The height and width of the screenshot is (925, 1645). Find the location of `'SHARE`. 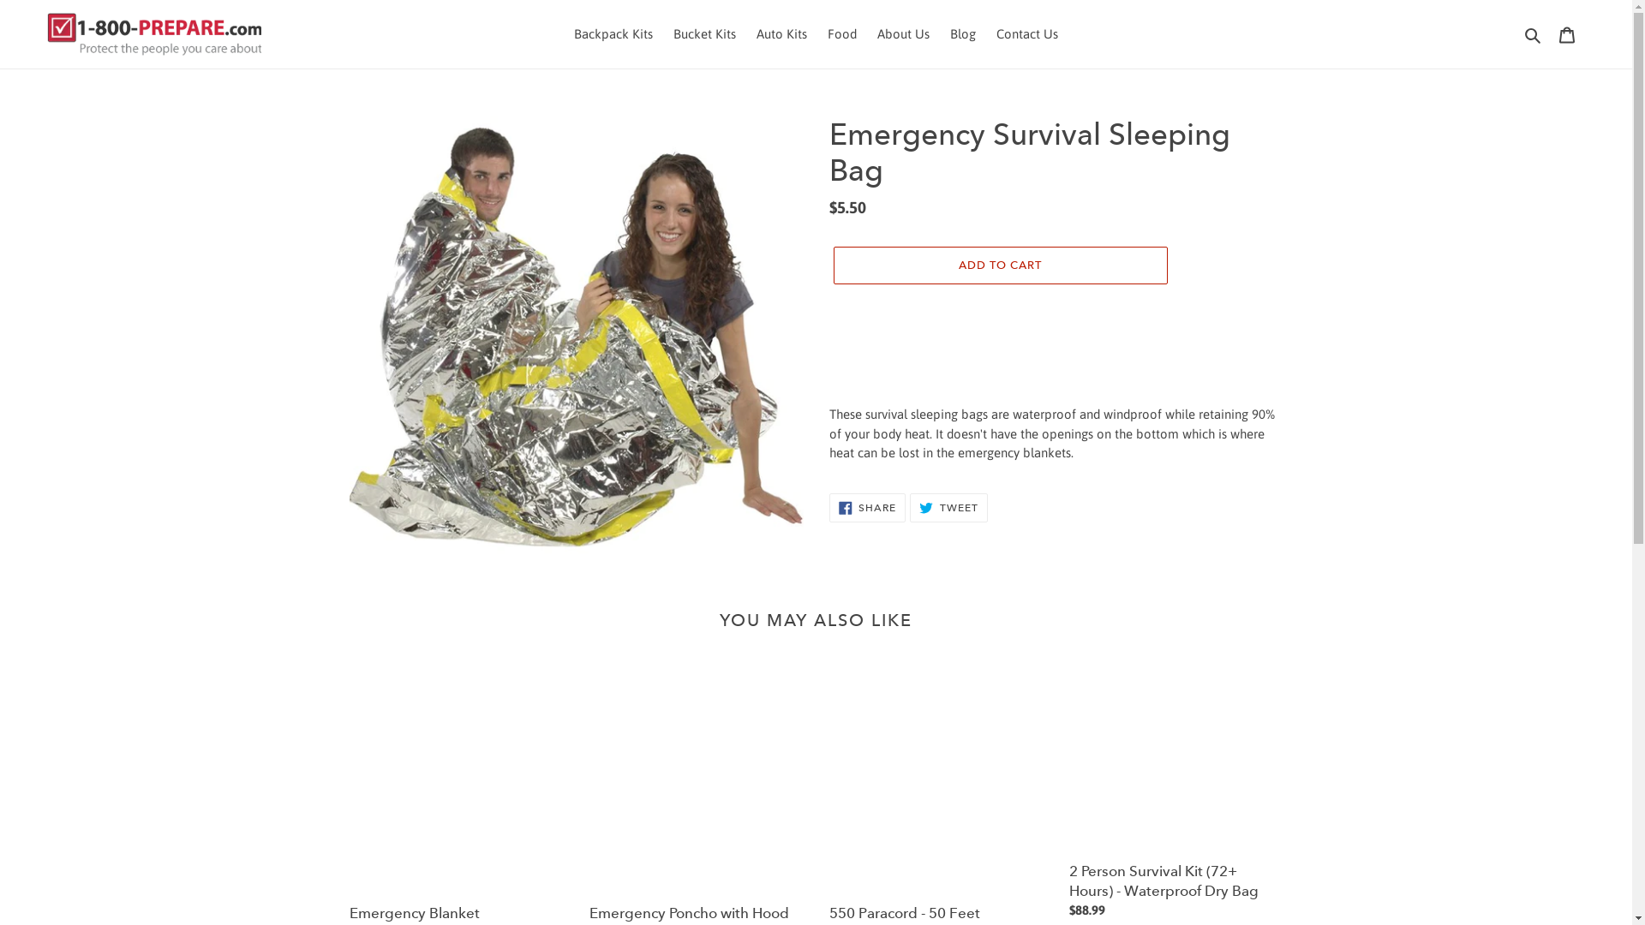

'SHARE is located at coordinates (867, 507).